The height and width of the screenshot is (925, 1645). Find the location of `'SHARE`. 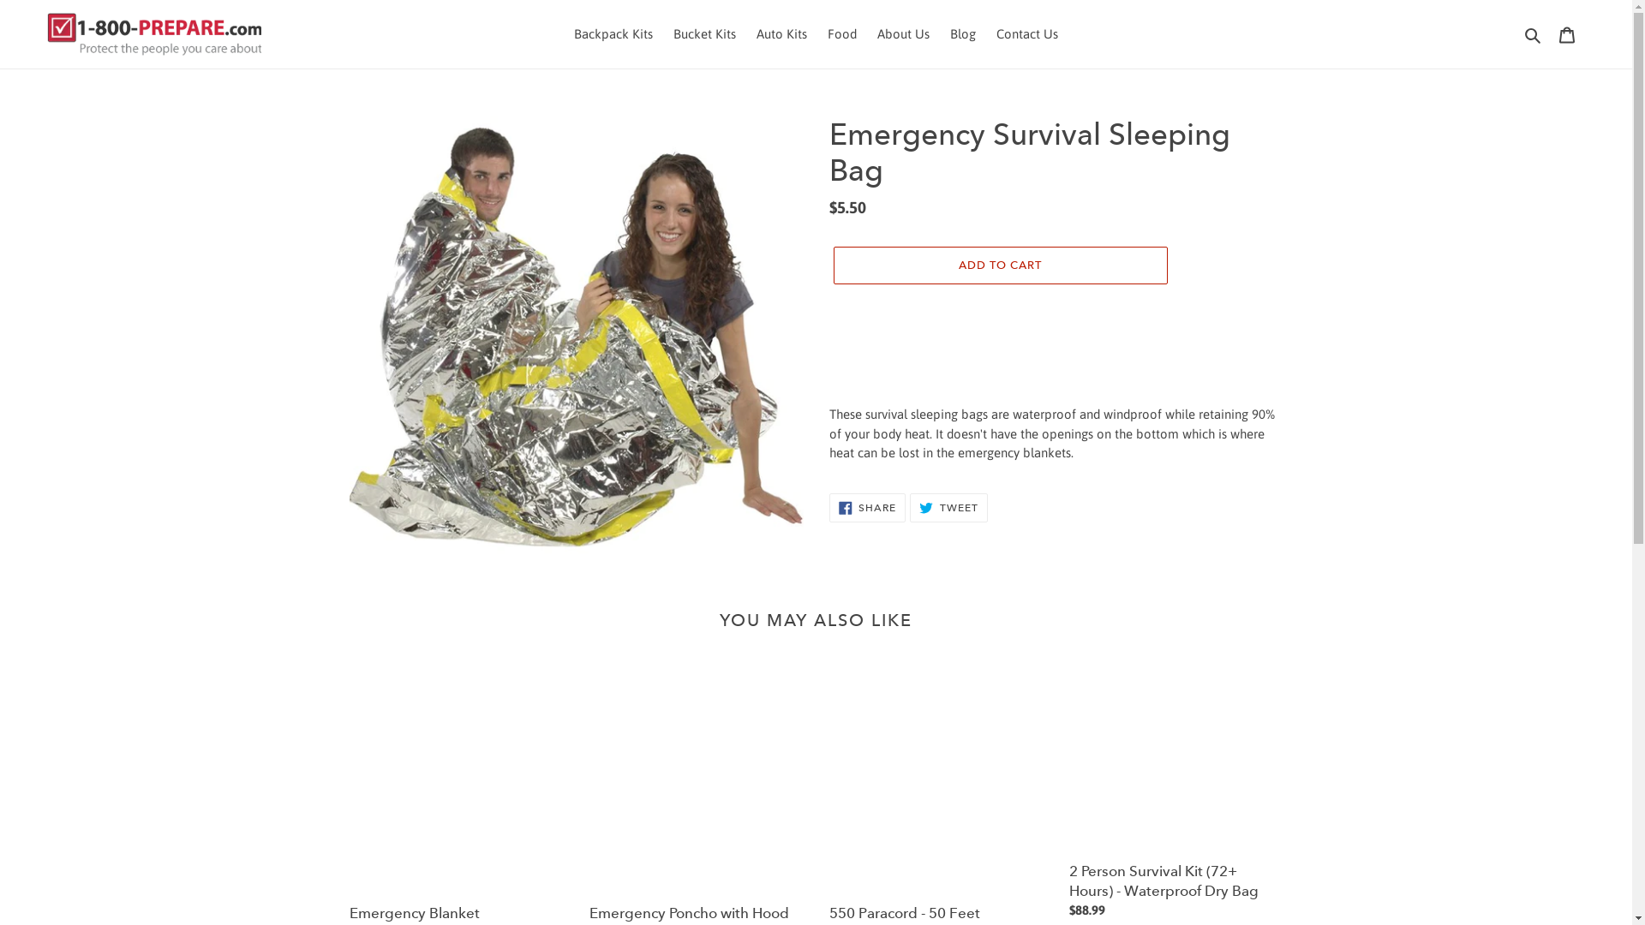

'SHARE is located at coordinates (867, 507).